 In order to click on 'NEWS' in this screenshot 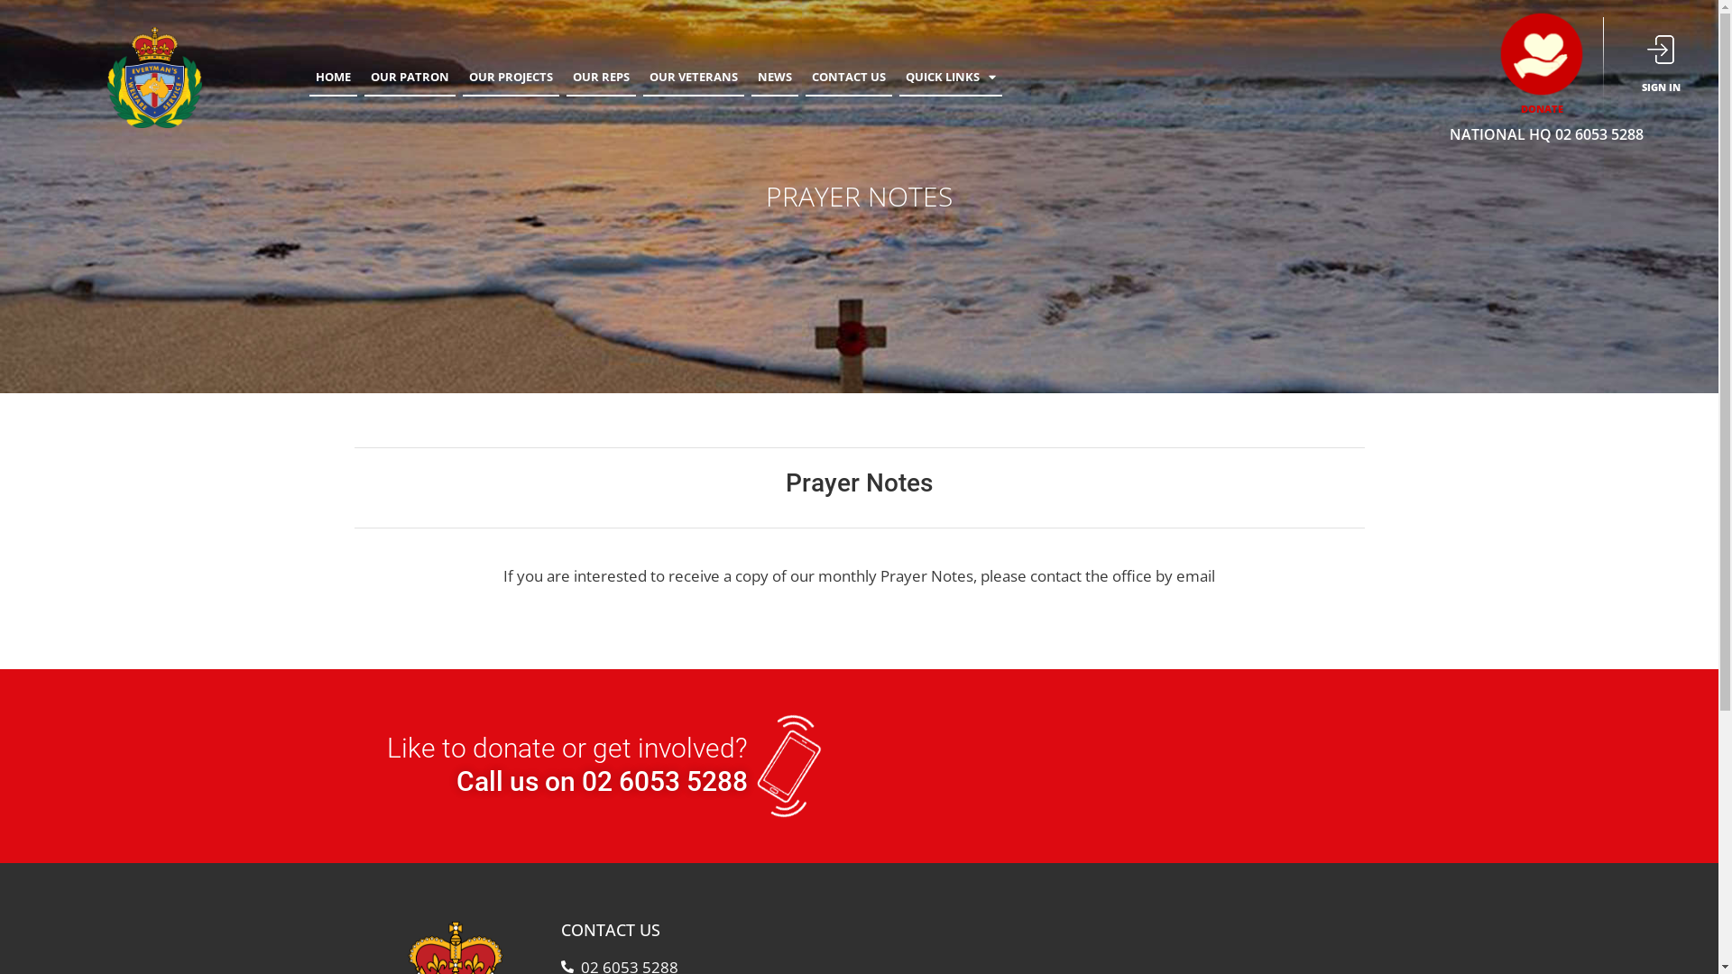, I will do `click(775, 76)`.